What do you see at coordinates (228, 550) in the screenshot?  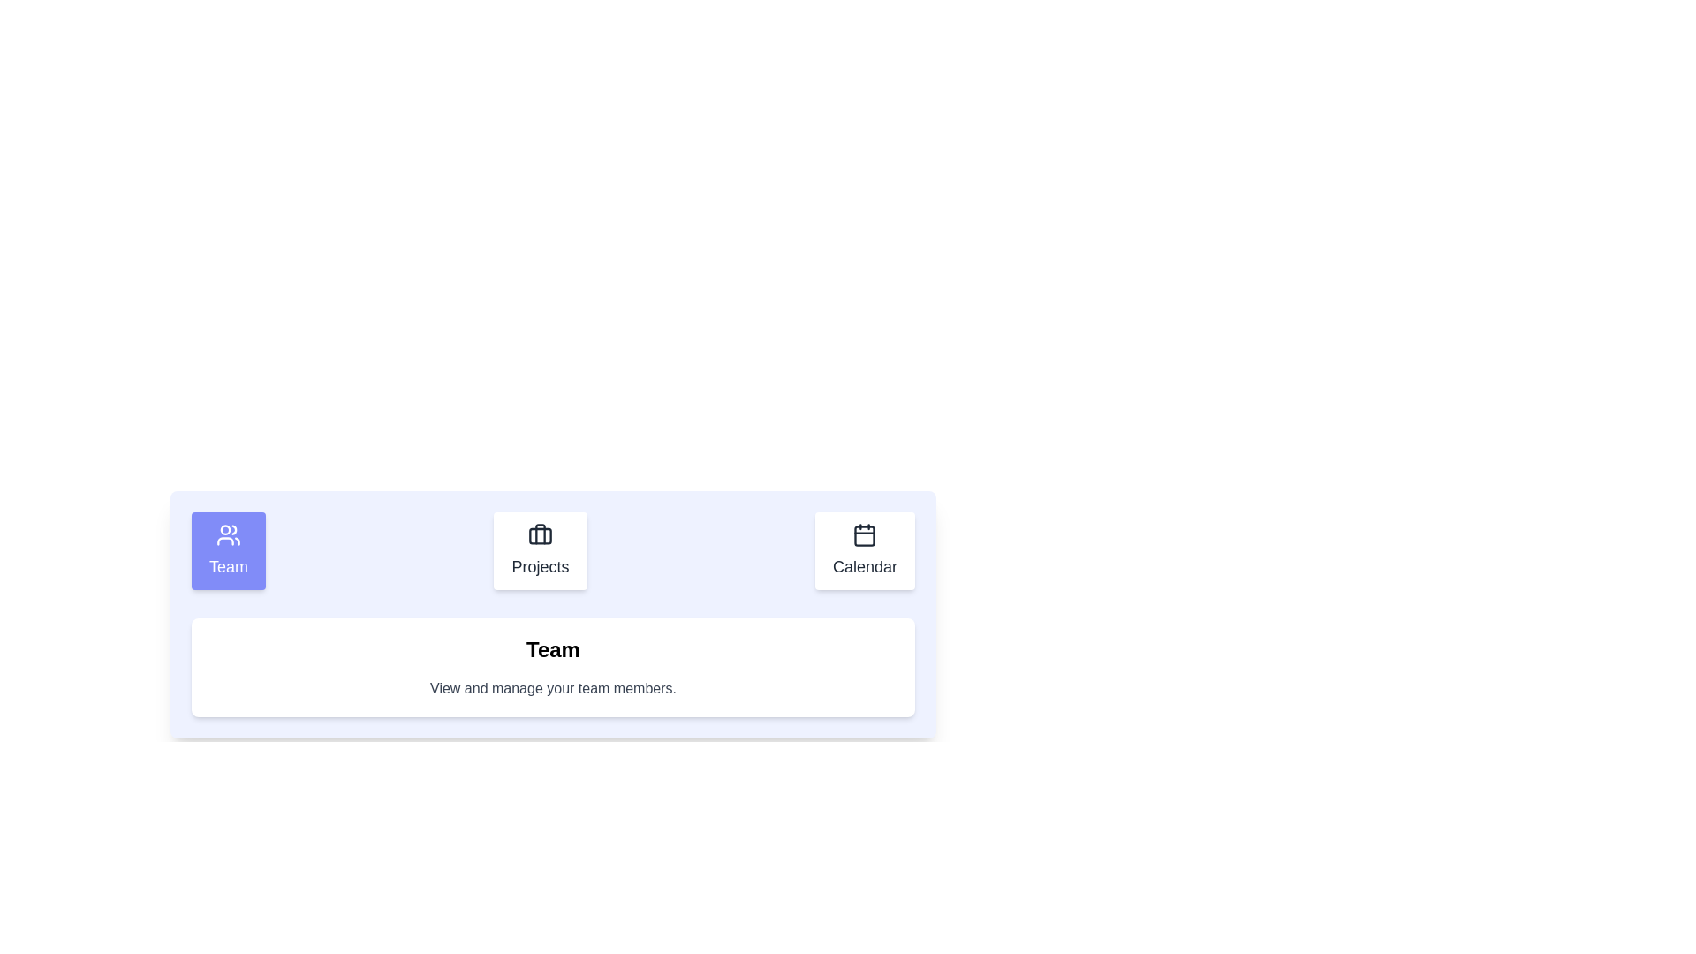 I see `the Team tab to switch to its view` at bounding box center [228, 550].